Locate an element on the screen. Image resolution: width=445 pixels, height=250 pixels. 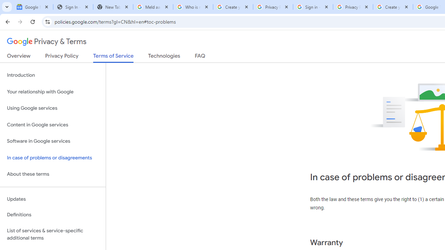
'Sign in - Google Accounts' is located at coordinates (313, 7).